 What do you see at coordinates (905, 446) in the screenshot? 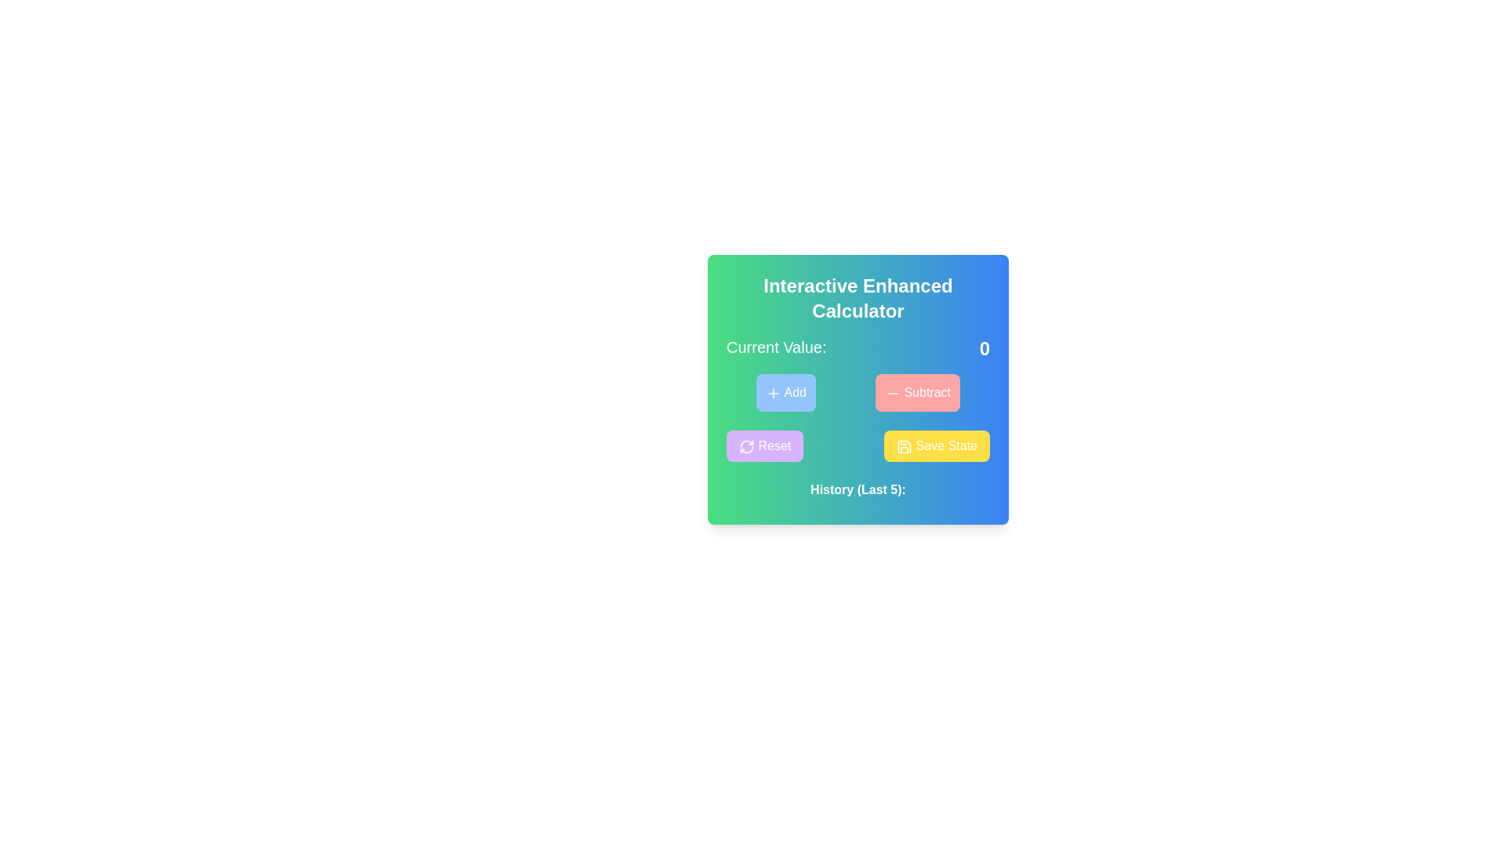
I see `the 'Save State' button which contains a yellow save icon on the left side for saving functionality` at bounding box center [905, 446].